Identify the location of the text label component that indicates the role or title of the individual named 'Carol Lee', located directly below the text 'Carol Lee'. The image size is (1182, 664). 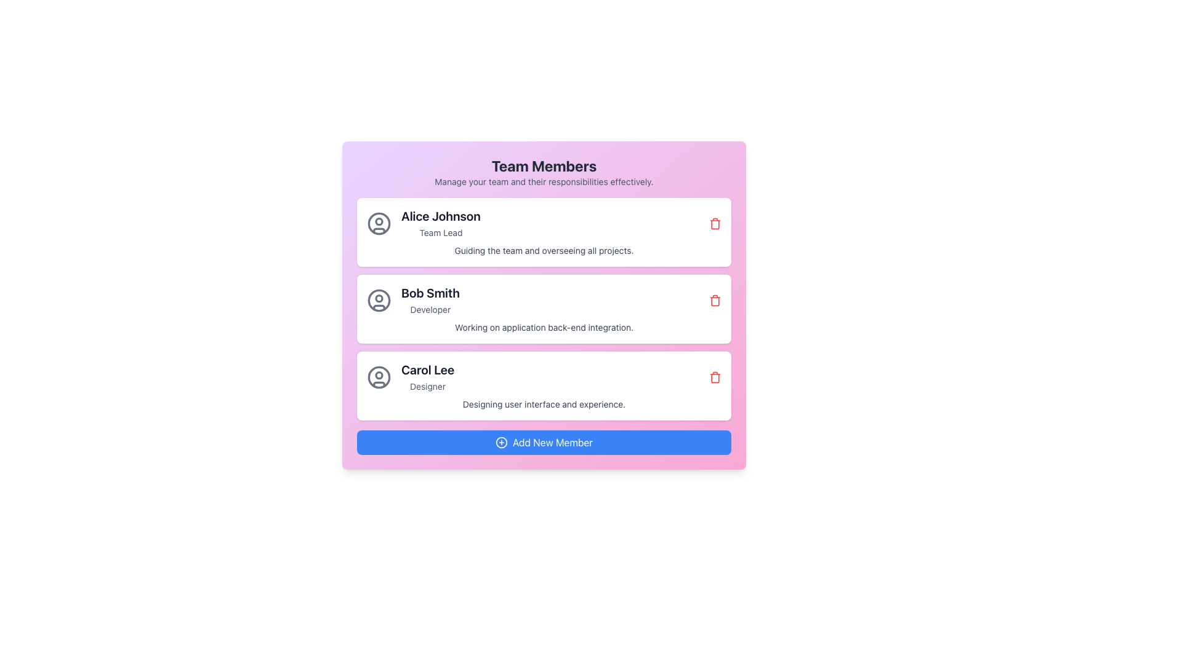
(428, 385).